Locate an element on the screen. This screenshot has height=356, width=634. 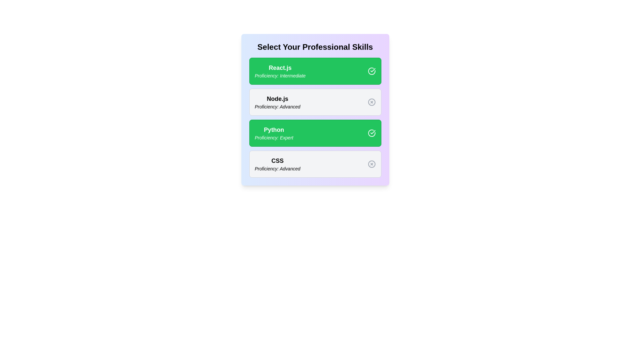
the skill card for Python is located at coordinates (315, 133).